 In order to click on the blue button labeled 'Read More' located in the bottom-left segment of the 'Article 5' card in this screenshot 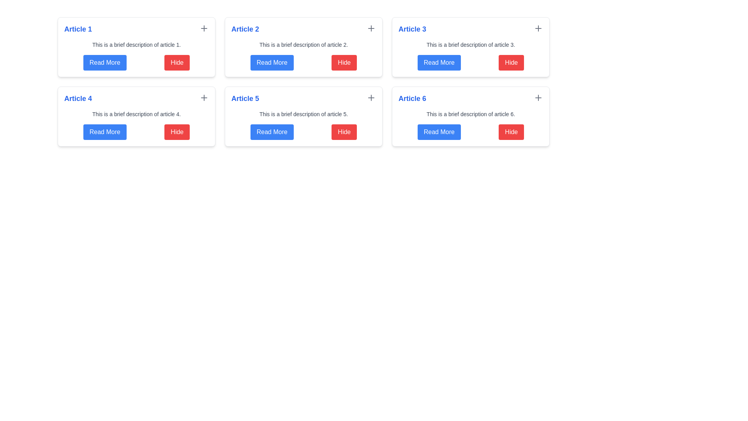, I will do `click(272, 132)`.